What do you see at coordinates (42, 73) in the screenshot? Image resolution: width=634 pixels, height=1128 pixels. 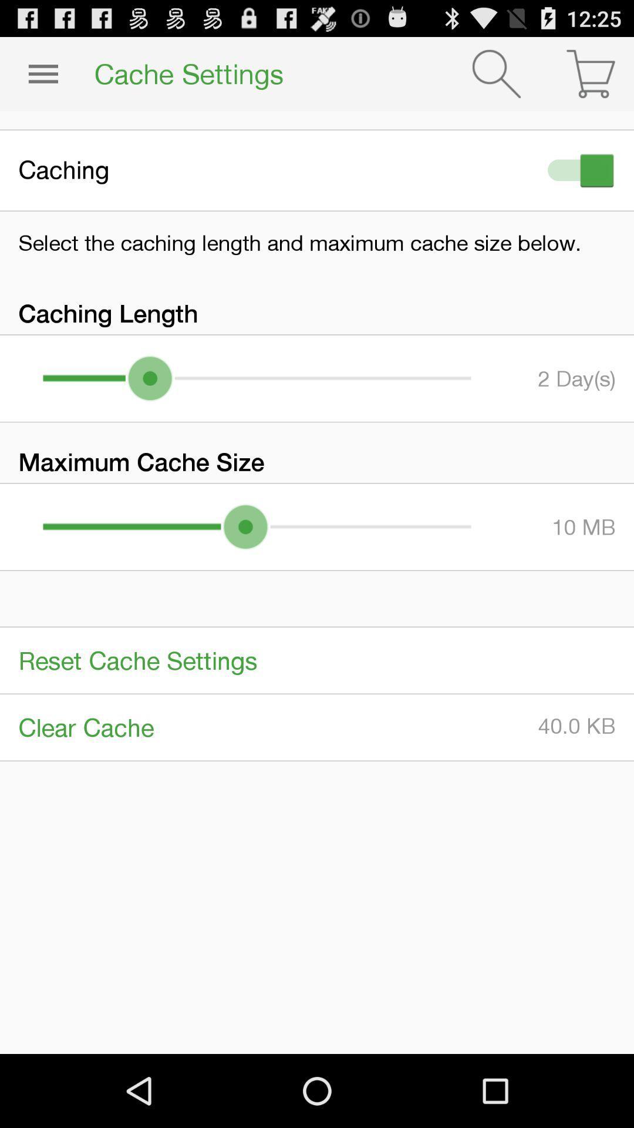 I see `more options` at bounding box center [42, 73].